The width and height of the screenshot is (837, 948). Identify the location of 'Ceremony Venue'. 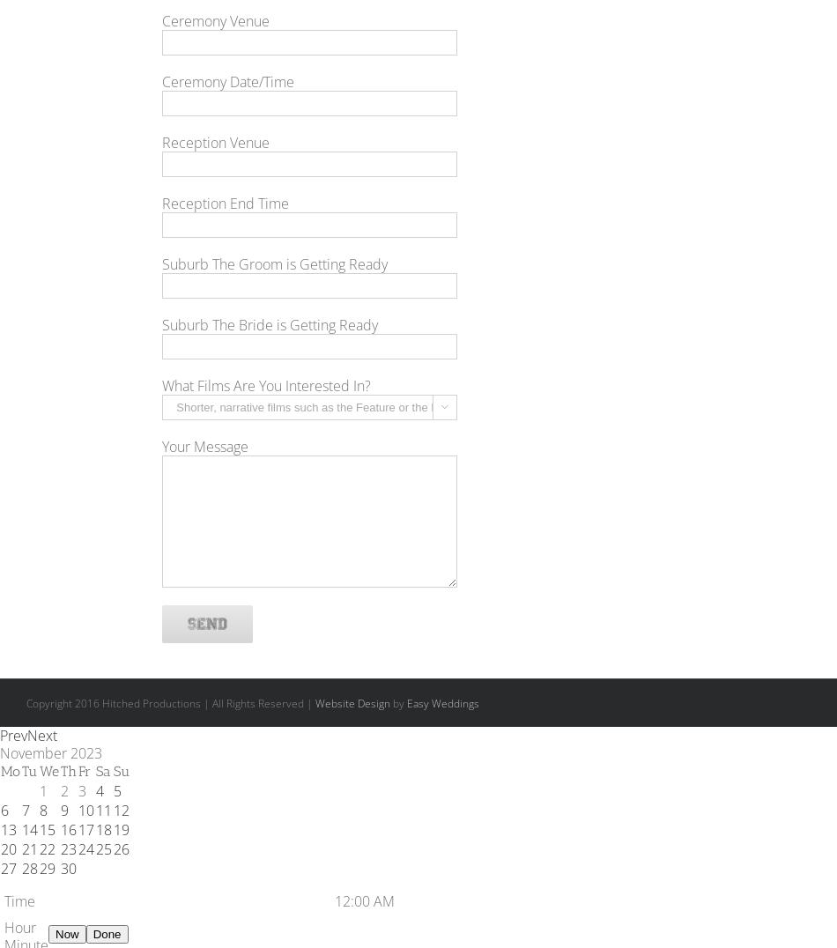
(215, 19).